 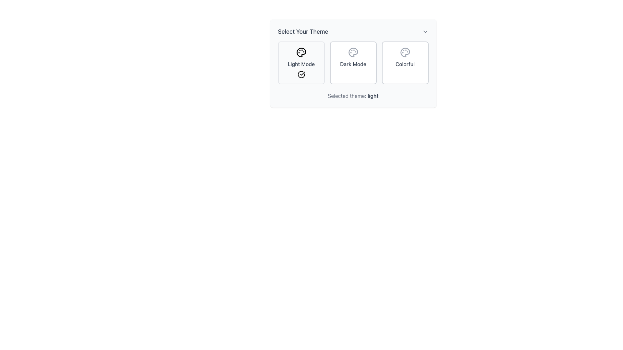 I want to click on the painter's palette icon located in the leftmost position of the 'Select Your Theme' section, so click(x=300, y=52).